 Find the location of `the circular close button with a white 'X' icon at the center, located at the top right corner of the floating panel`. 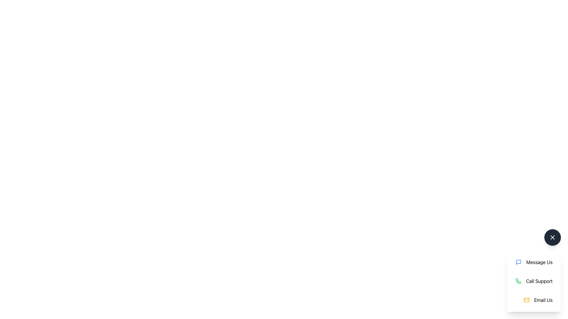

the circular close button with a white 'X' icon at the center, located at the top right corner of the floating panel is located at coordinates (552, 237).